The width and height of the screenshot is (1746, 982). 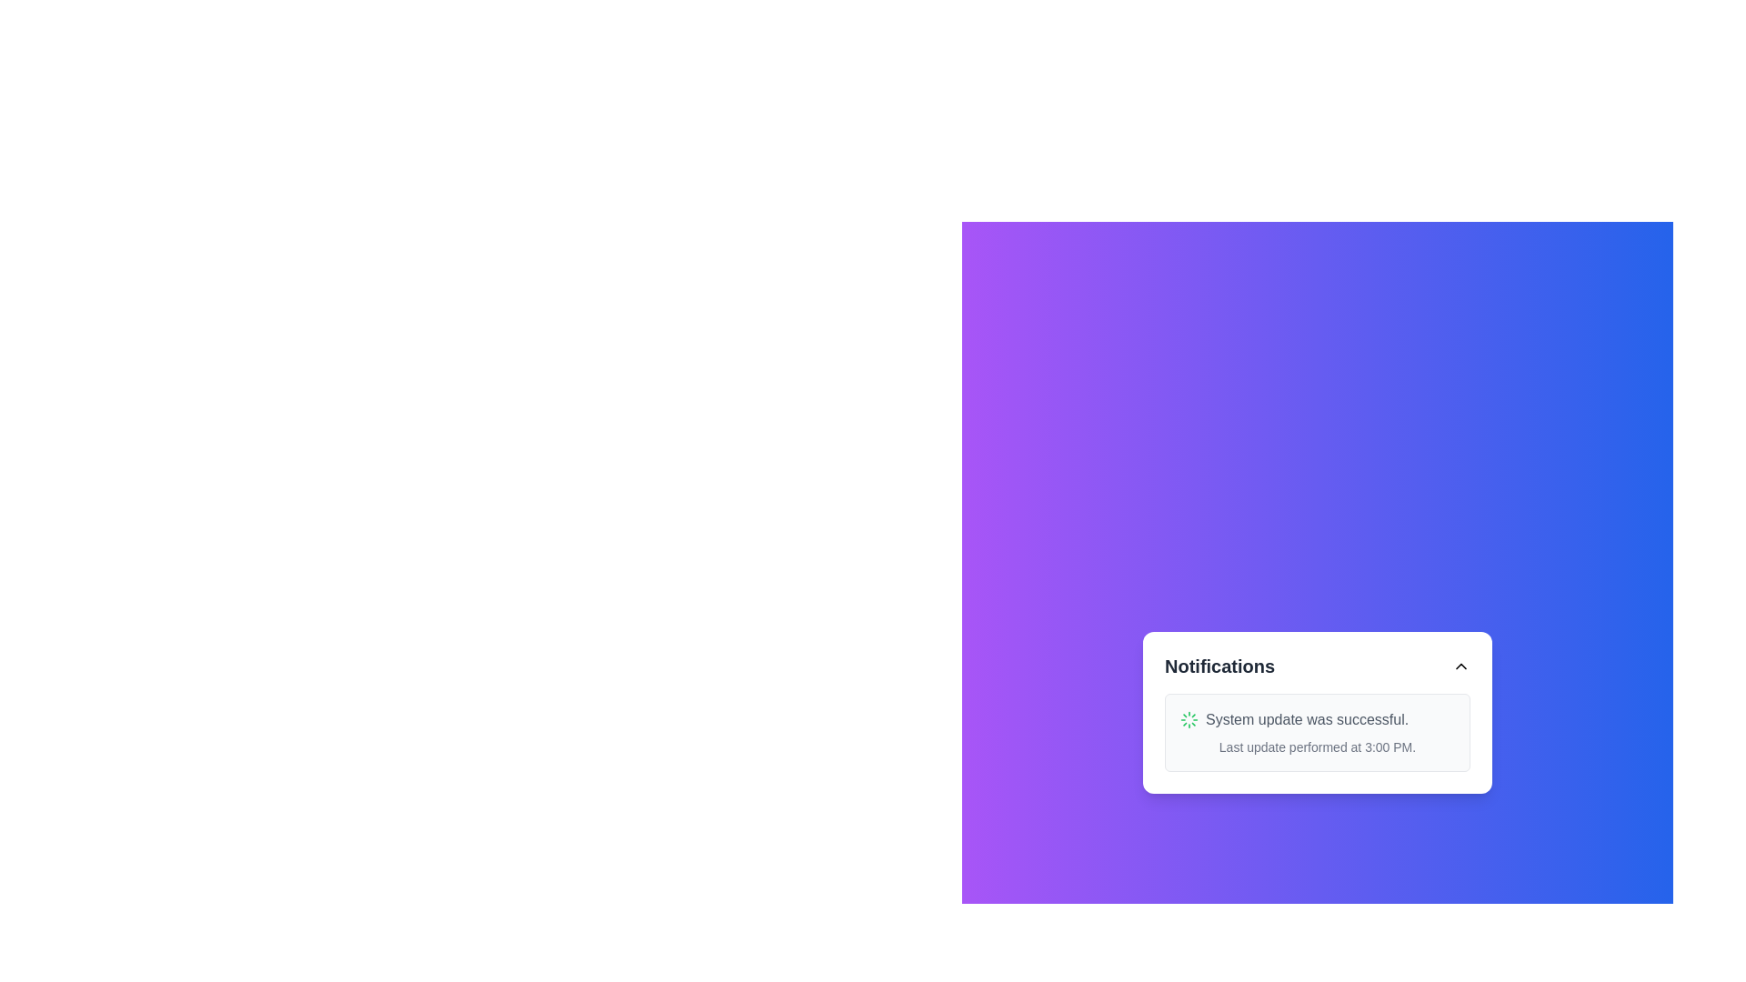 What do you see at coordinates (1318, 747) in the screenshot?
I see `the informational text block that indicates the last update time, located below the primary message 'System update was successful' in the notification card` at bounding box center [1318, 747].